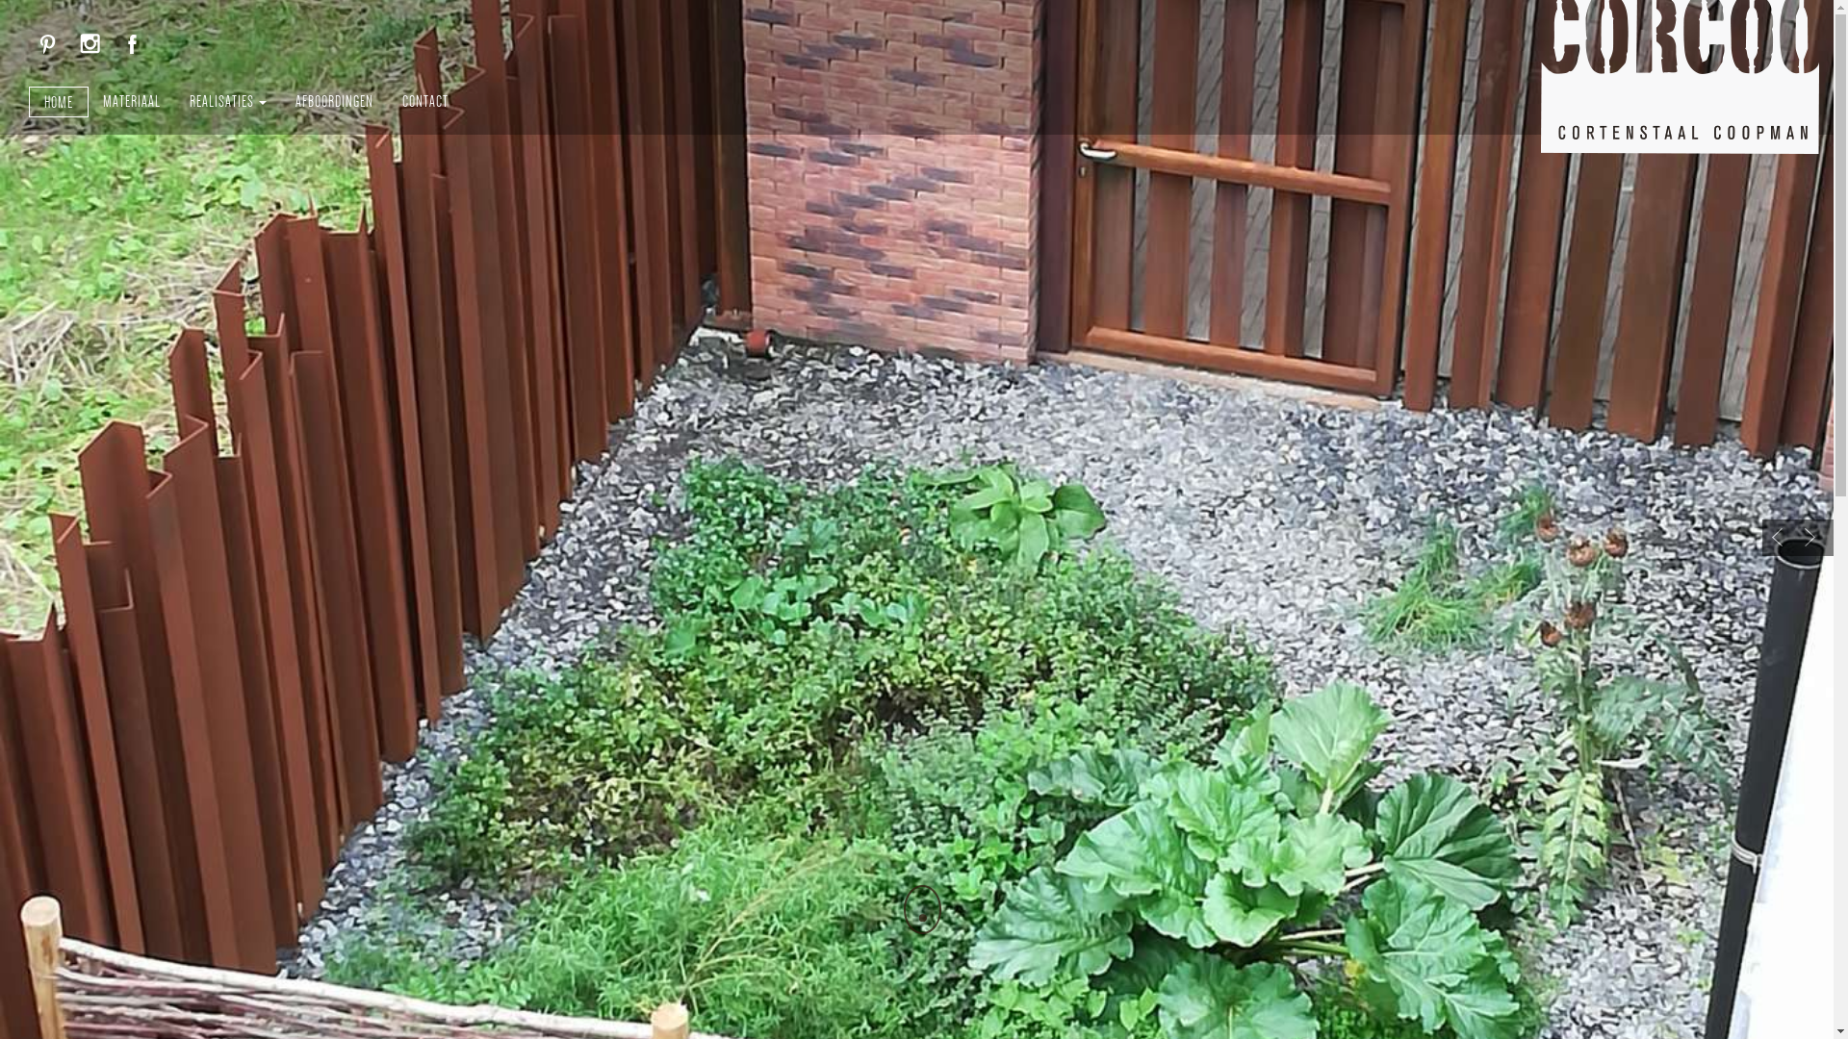 Image resolution: width=1848 pixels, height=1039 pixels. Describe the element at coordinates (132, 43) in the screenshot. I see `'Facebook'` at that location.